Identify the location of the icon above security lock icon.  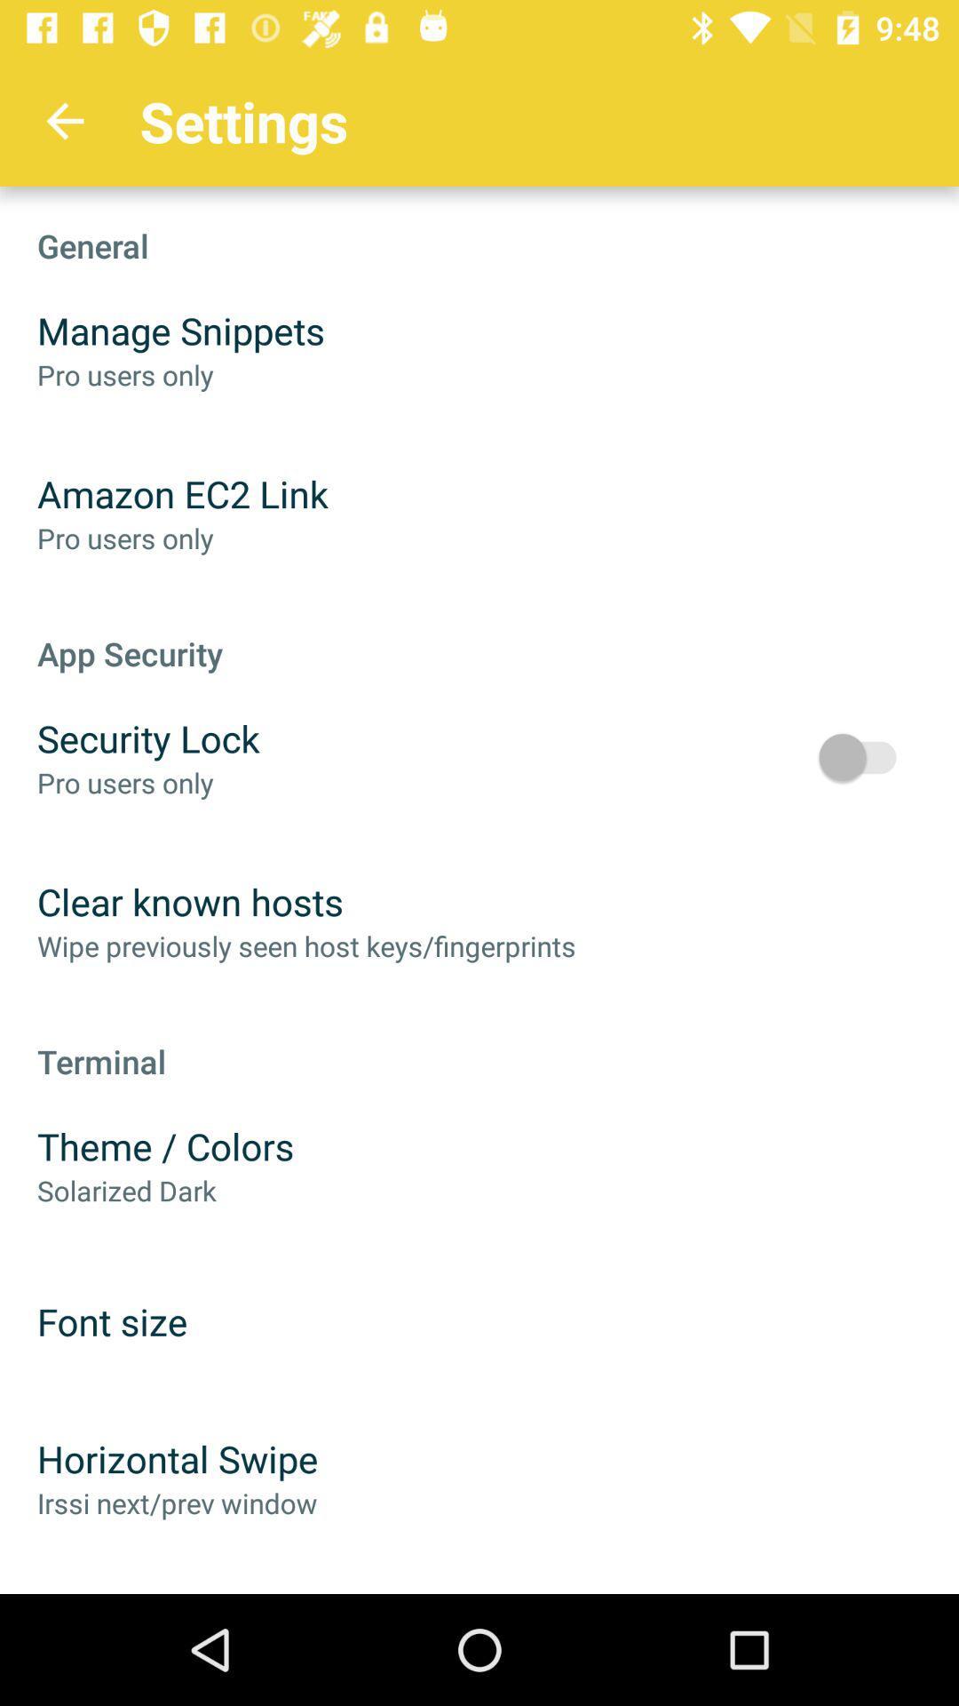
(479, 634).